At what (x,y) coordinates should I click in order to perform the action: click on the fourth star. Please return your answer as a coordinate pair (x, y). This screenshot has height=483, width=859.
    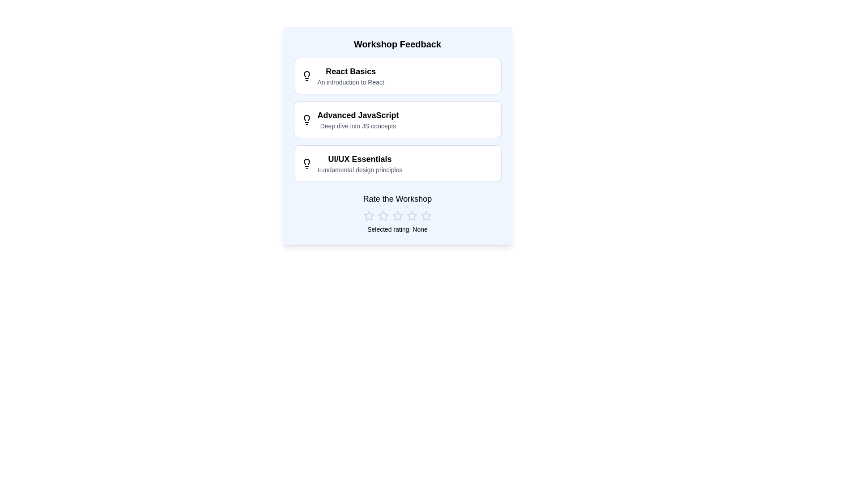
    Looking at the image, I should click on (411, 216).